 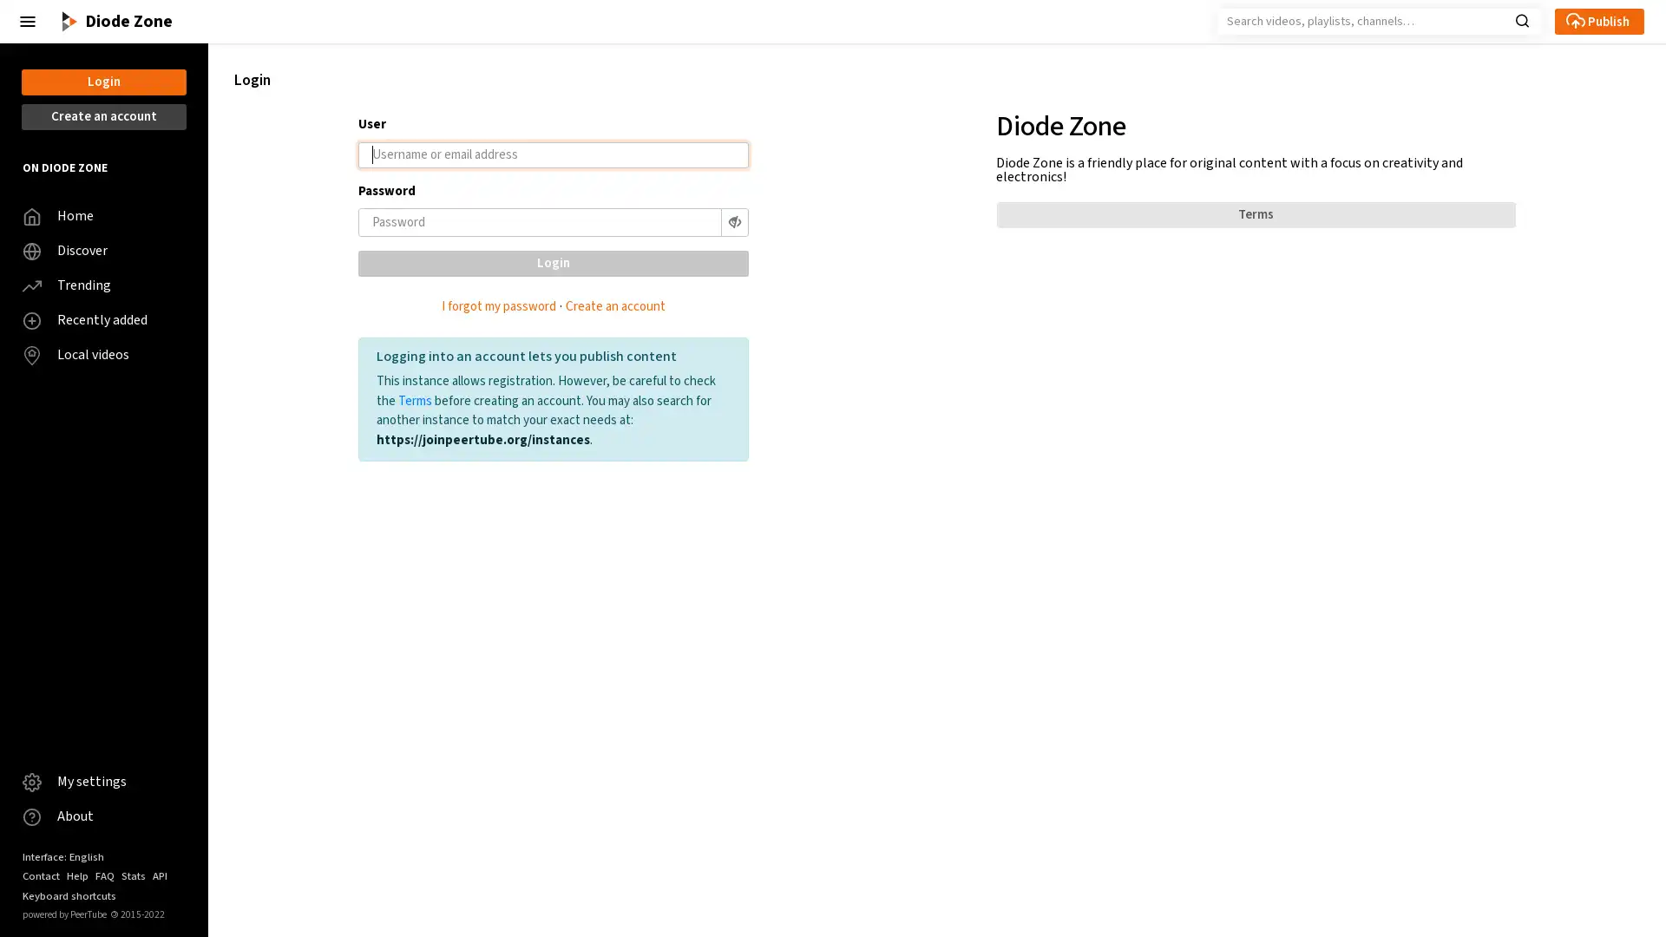 I want to click on I forgot my password, so click(x=497, y=305).